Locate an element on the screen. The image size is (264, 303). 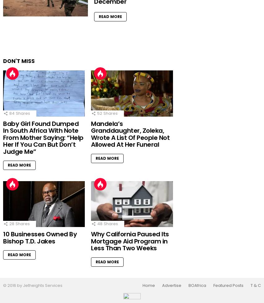
'28' is located at coordinates (11, 224).